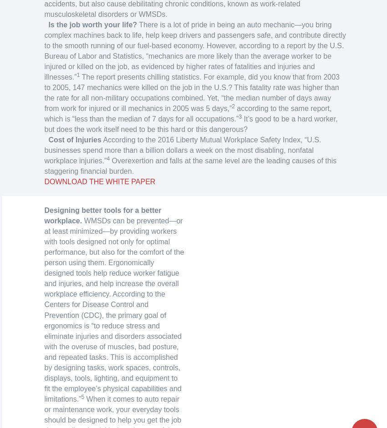  Describe the element at coordinates (82, 397) in the screenshot. I see `'5'` at that location.